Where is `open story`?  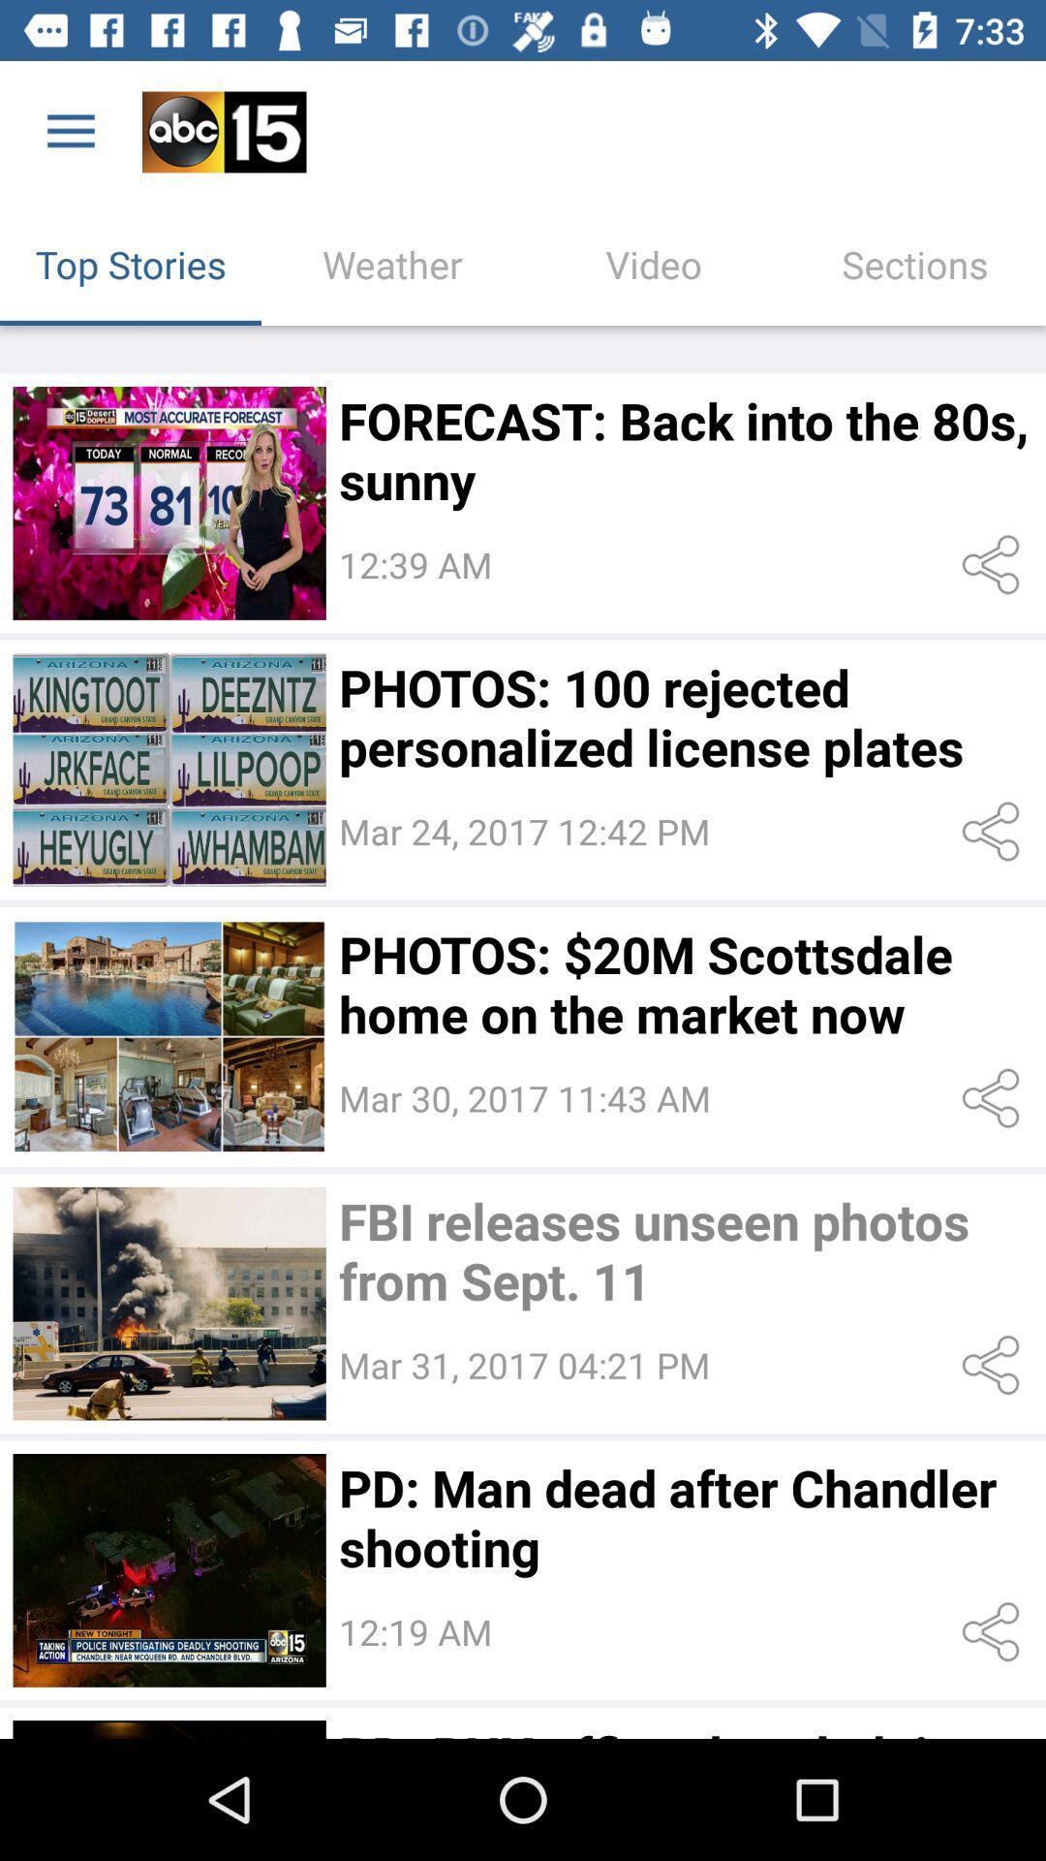 open story is located at coordinates (169, 1570).